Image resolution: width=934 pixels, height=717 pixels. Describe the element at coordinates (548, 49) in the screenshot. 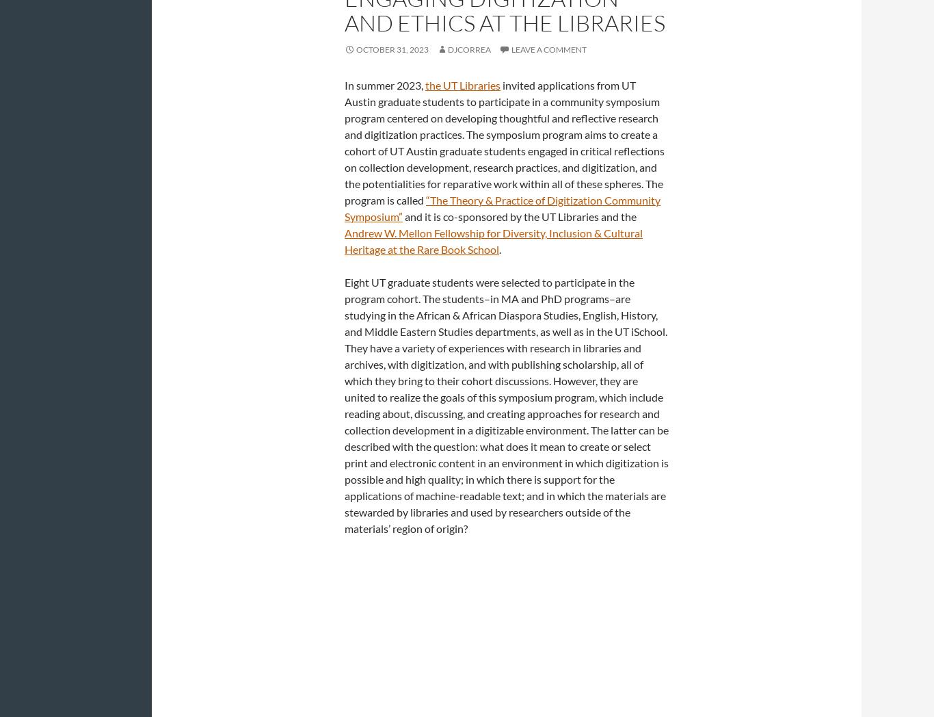

I see `'Leave a comment'` at that location.